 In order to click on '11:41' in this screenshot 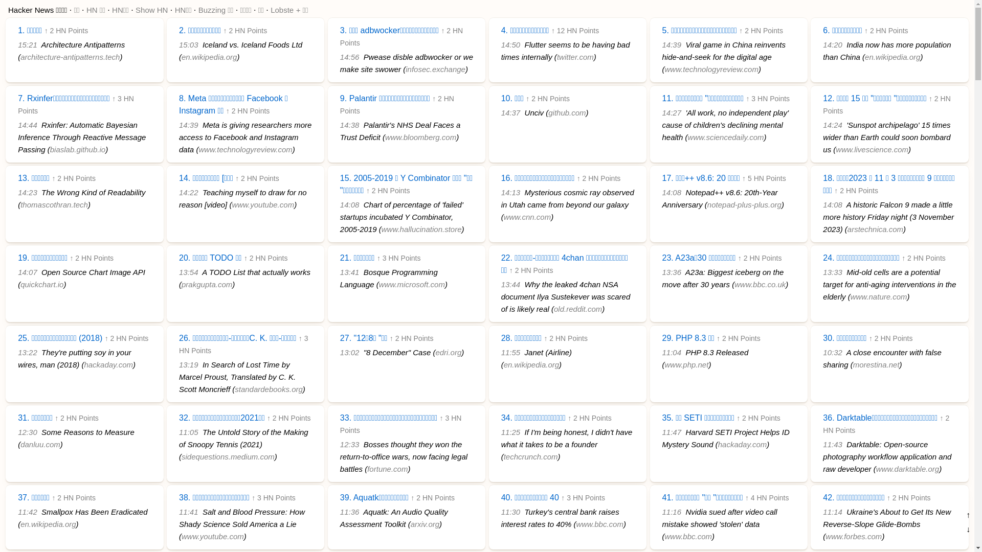, I will do `click(189, 512)`.